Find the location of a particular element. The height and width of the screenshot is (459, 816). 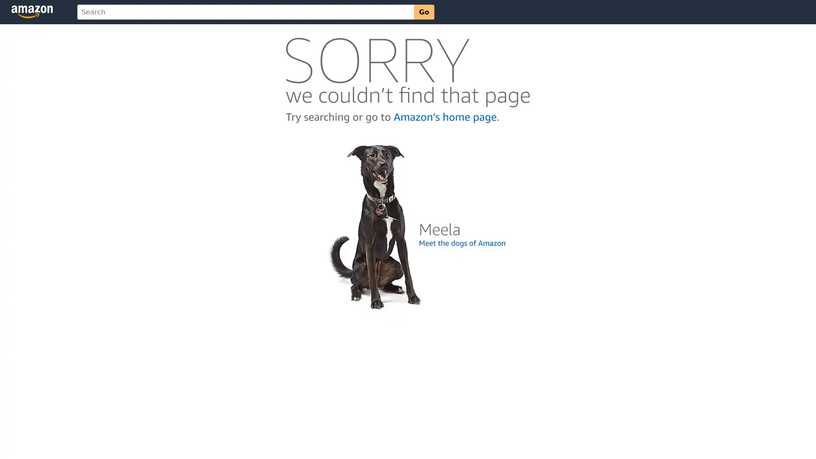

Go is located at coordinates (424, 12).